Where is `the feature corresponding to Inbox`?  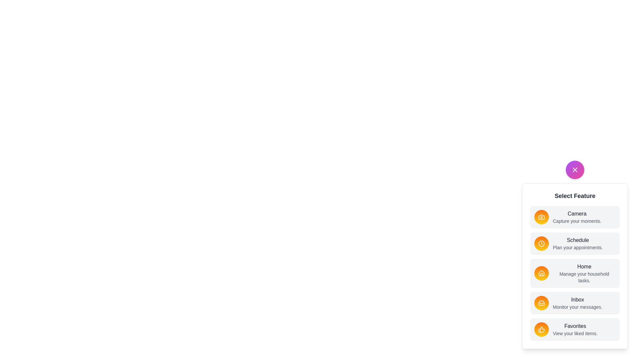 the feature corresponding to Inbox is located at coordinates (542, 303).